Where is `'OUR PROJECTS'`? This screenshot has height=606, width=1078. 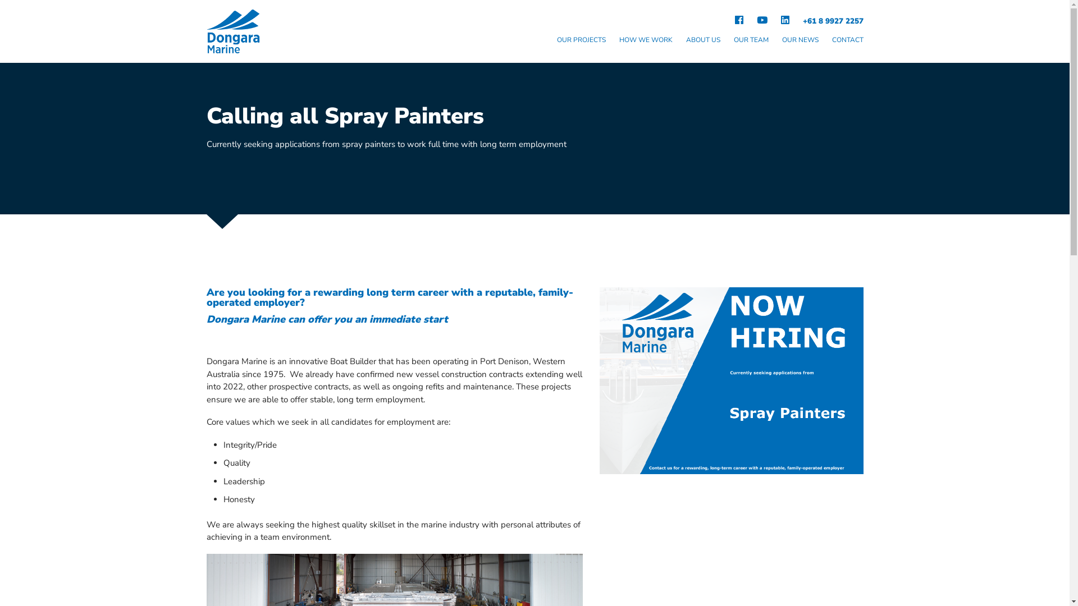 'OUR PROJECTS' is located at coordinates (581, 40).